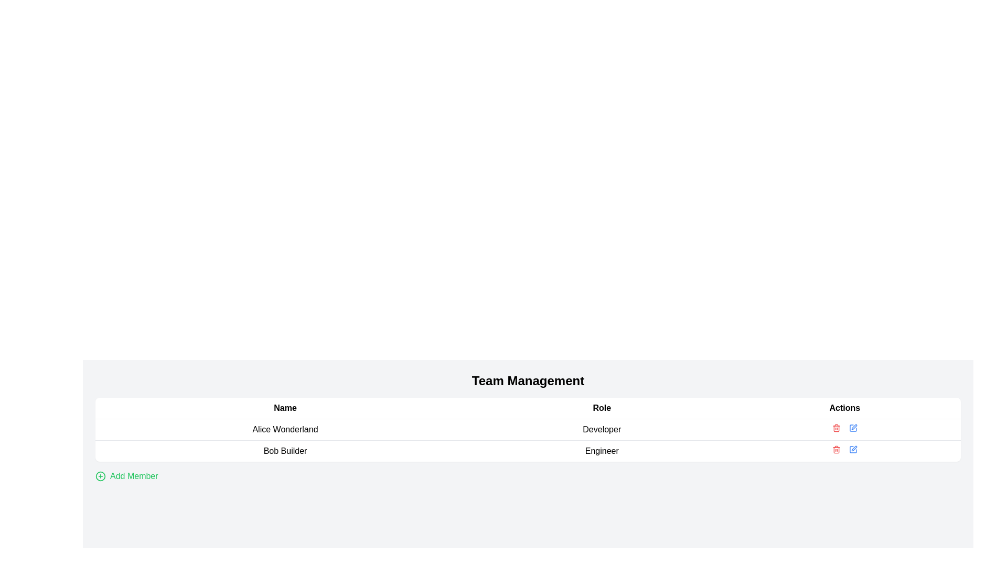 The width and height of the screenshot is (1007, 566). Describe the element at coordinates (853, 427) in the screenshot. I see `the editing icon` at that location.